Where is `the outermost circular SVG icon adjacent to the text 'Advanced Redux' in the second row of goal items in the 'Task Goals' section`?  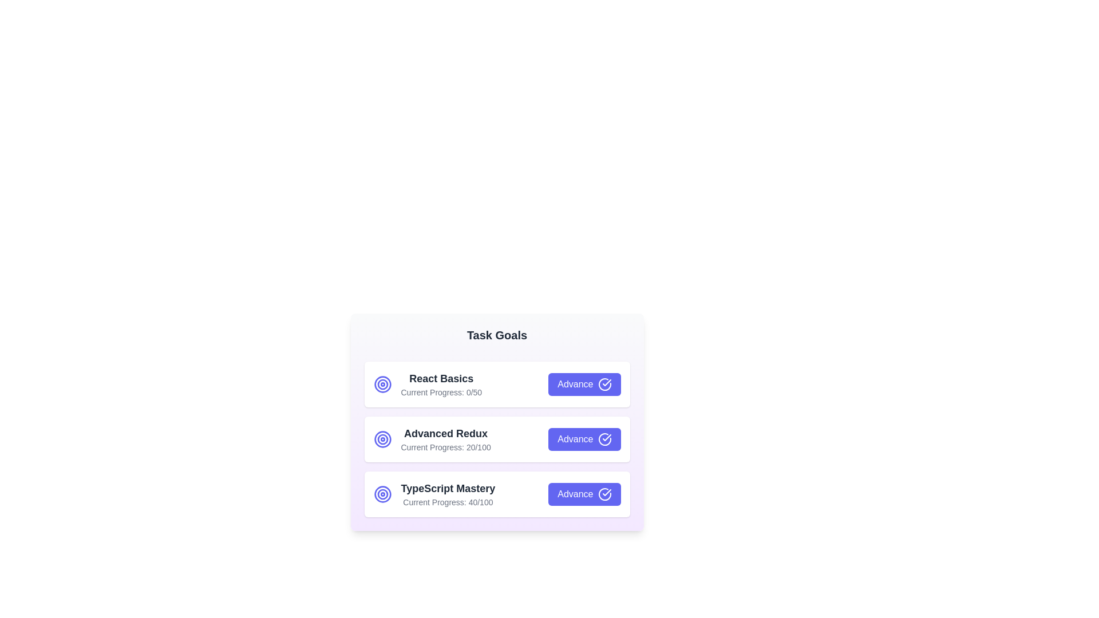
the outermost circular SVG icon adjacent to the text 'Advanced Redux' in the second row of goal items in the 'Task Goals' section is located at coordinates (382, 438).